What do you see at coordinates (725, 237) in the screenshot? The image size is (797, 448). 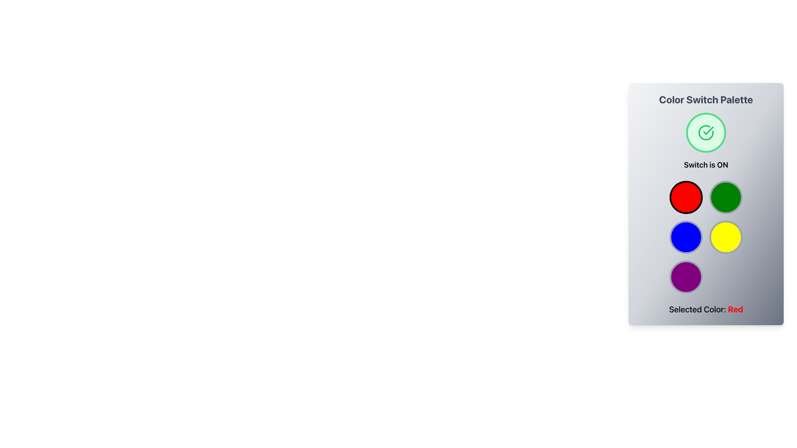 I see `the yellow color selection button located in the lower-right position of the Color Switch Palette` at bounding box center [725, 237].